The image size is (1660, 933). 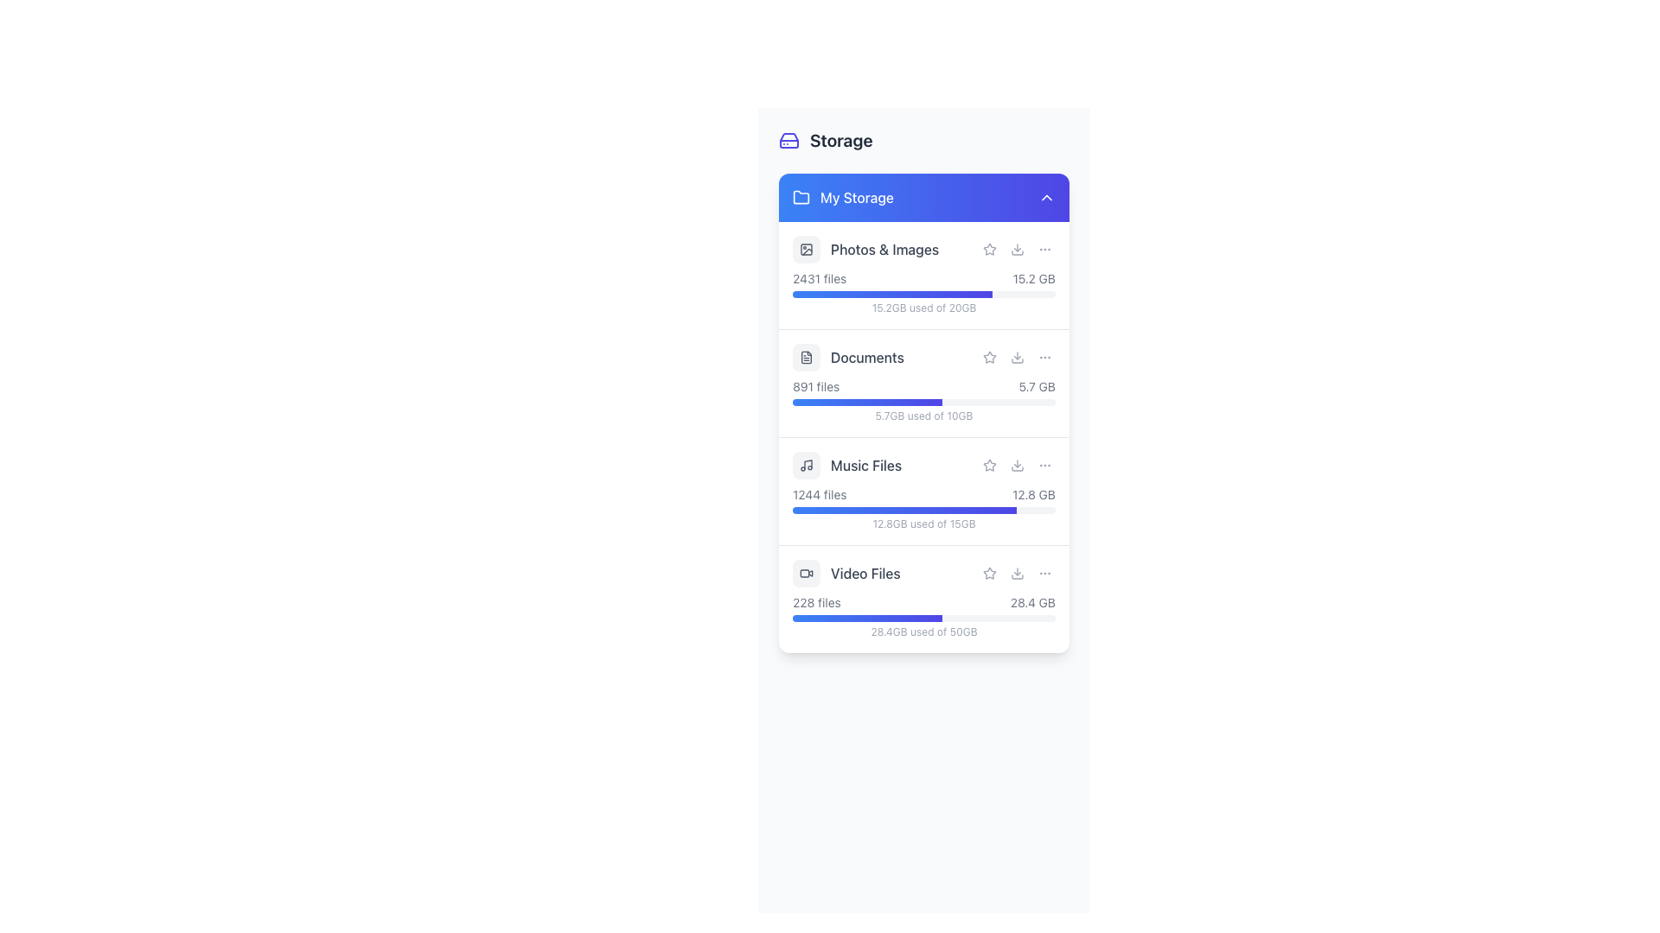 I want to click on the small musical note icon located in the music files section, positioned to the left of the descriptive text, so click(x=805, y=465).